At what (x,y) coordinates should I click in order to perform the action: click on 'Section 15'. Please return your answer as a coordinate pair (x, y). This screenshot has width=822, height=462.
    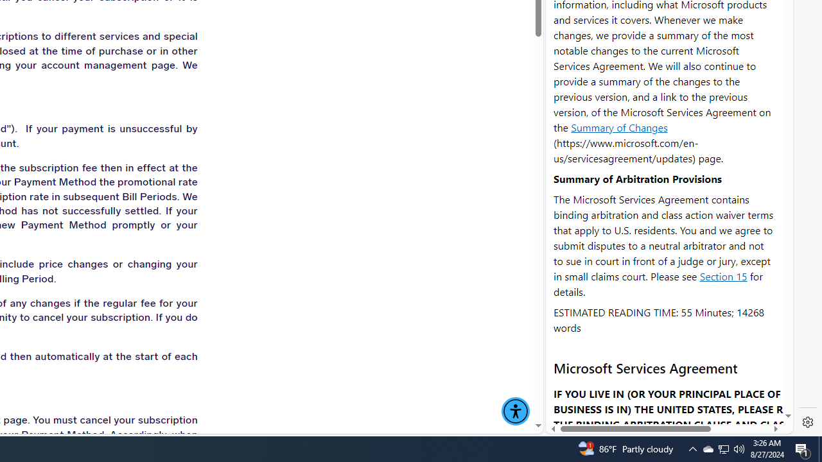
    Looking at the image, I should click on (723, 275).